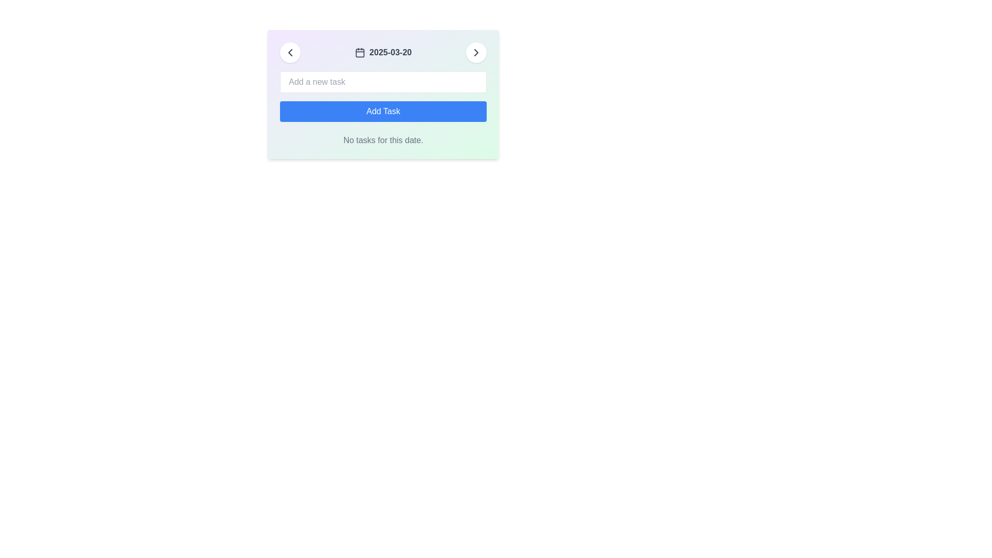 This screenshot has width=992, height=558. What do you see at coordinates (289, 52) in the screenshot?
I see `the circular button with a white background and a left-pointing dark gray arrow icon` at bounding box center [289, 52].